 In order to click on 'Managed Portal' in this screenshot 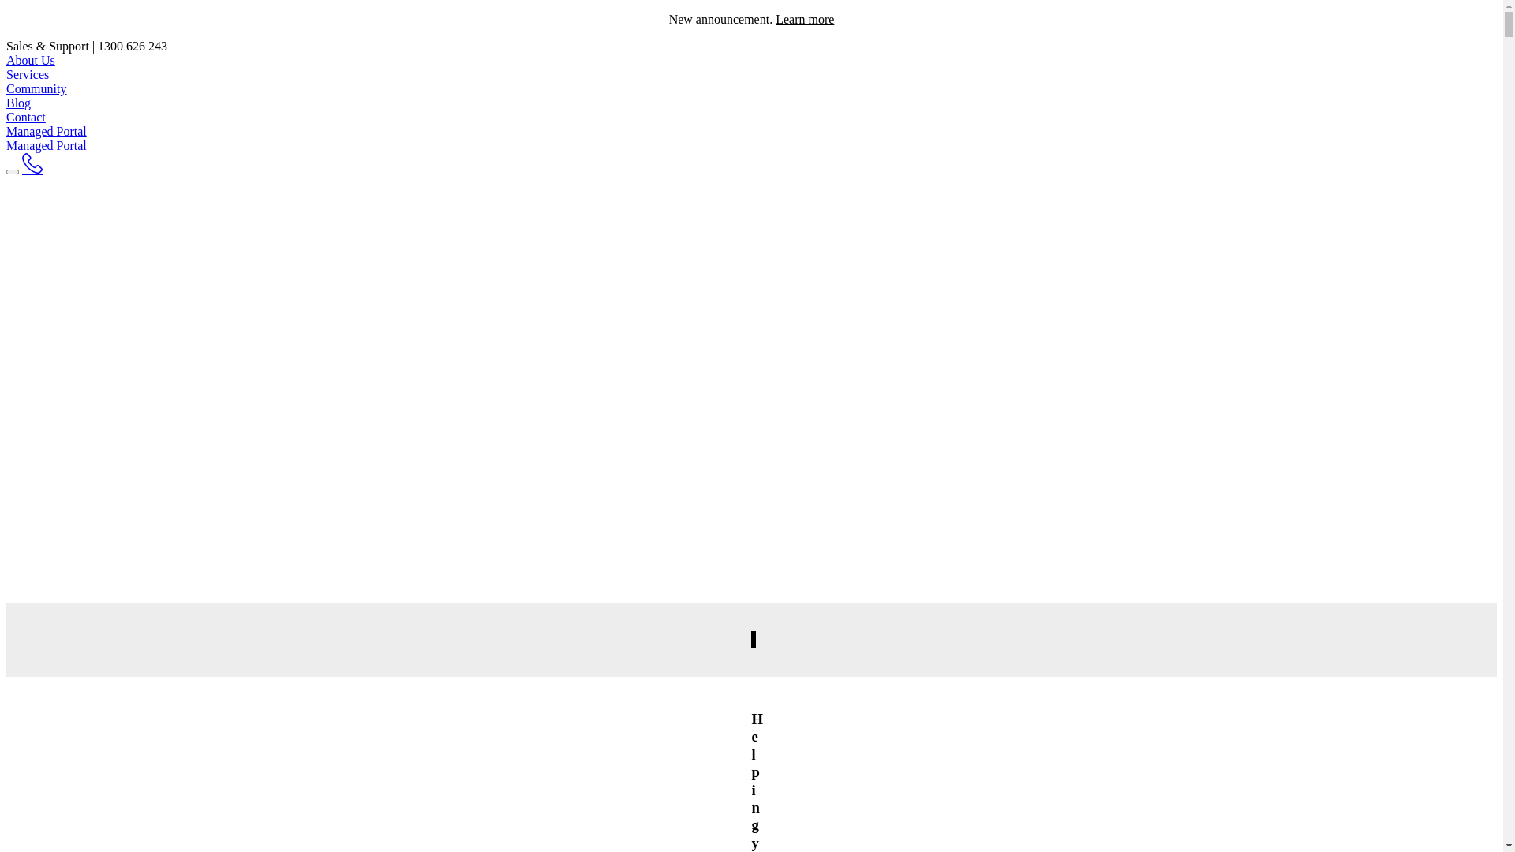, I will do `click(6, 130)`.